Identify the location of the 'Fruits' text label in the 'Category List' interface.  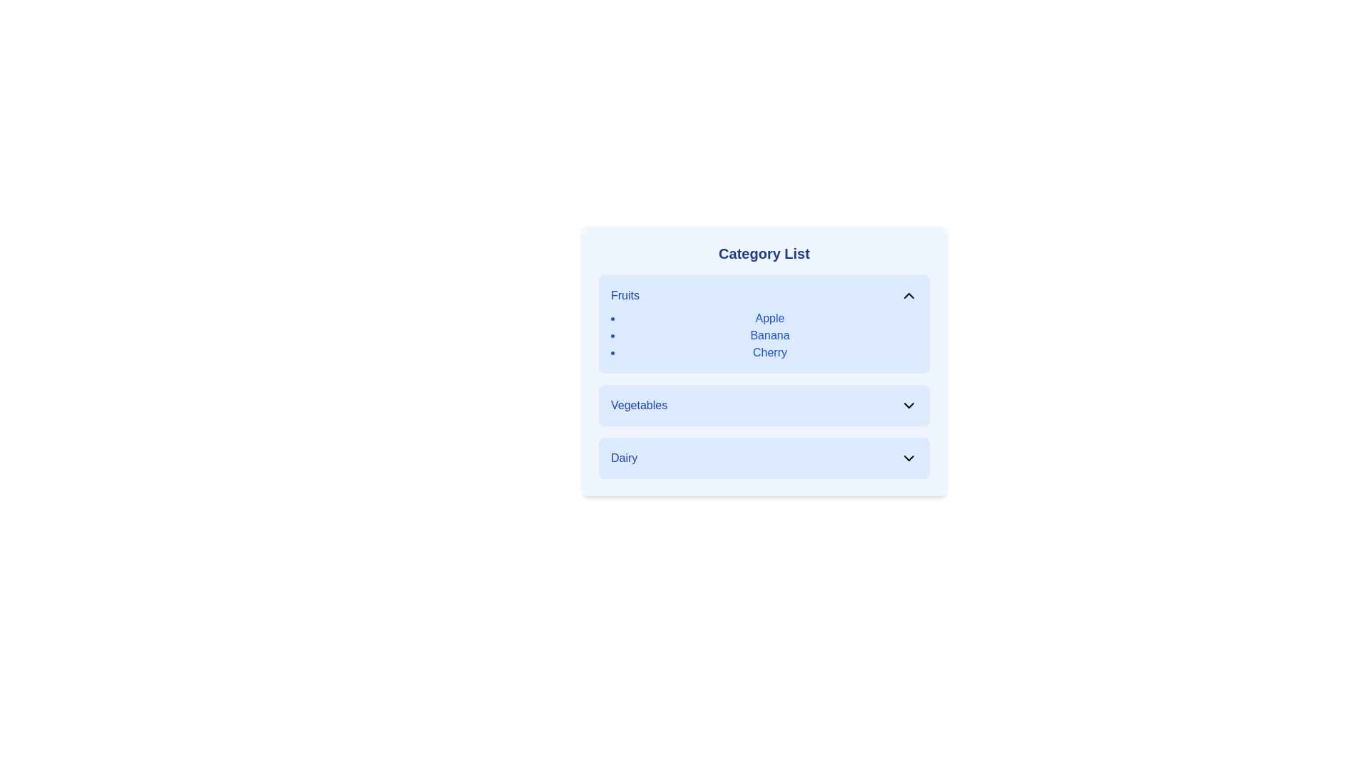
(625, 295).